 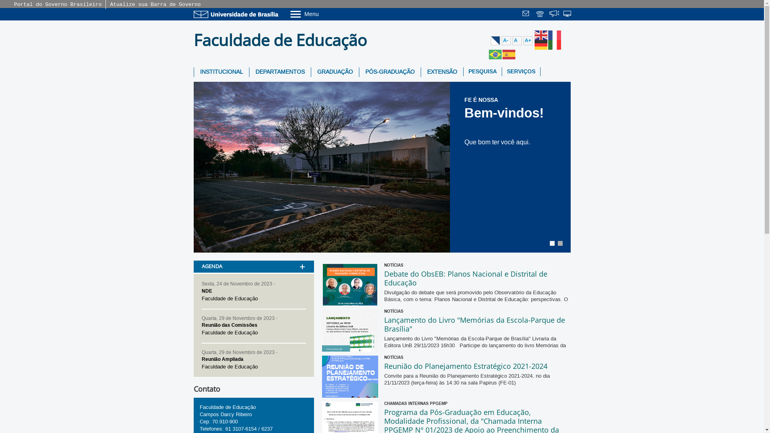 What do you see at coordinates (527, 40) in the screenshot?
I see `'A+'` at bounding box center [527, 40].